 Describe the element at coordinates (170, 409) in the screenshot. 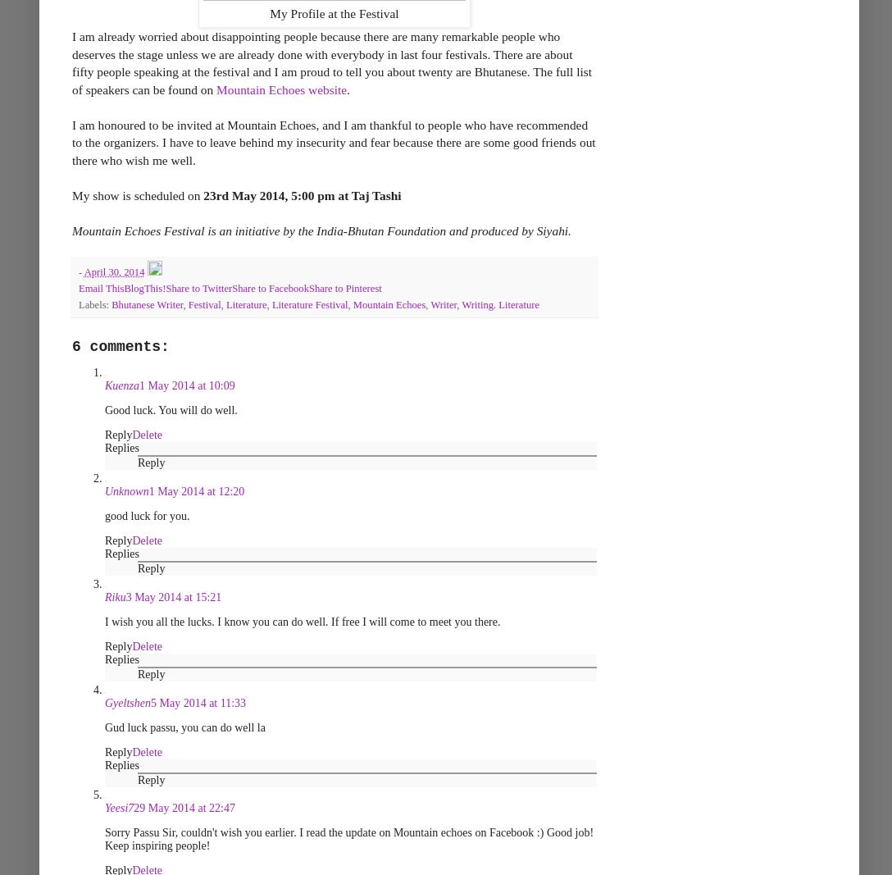

I see `'Good luck. You will do well.'` at that location.